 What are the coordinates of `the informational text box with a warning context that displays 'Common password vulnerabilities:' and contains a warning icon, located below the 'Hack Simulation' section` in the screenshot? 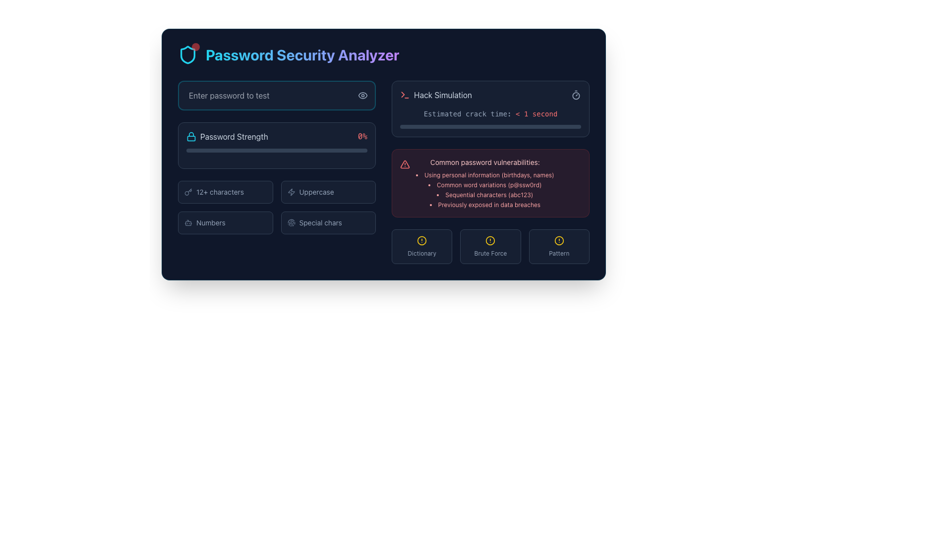 It's located at (490, 183).